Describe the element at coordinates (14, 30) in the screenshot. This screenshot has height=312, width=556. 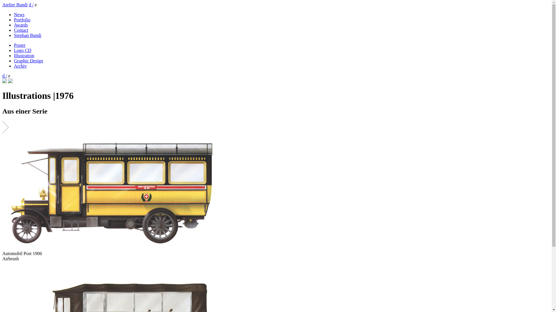
I see `'Contact'` at that location.